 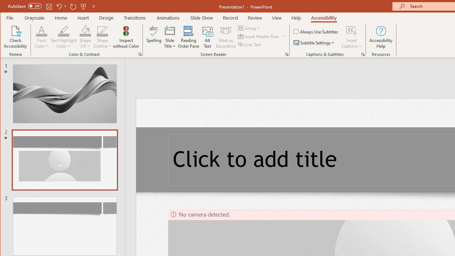 What do you see at coordinates (381, 37) in the screenshot?
I see `'Accessibility Help'` at bounding box center [381, 37].